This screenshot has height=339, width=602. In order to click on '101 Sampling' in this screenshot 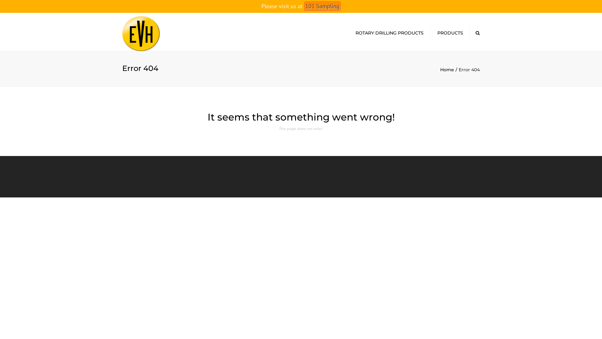, I will do `click(304, 6)`.